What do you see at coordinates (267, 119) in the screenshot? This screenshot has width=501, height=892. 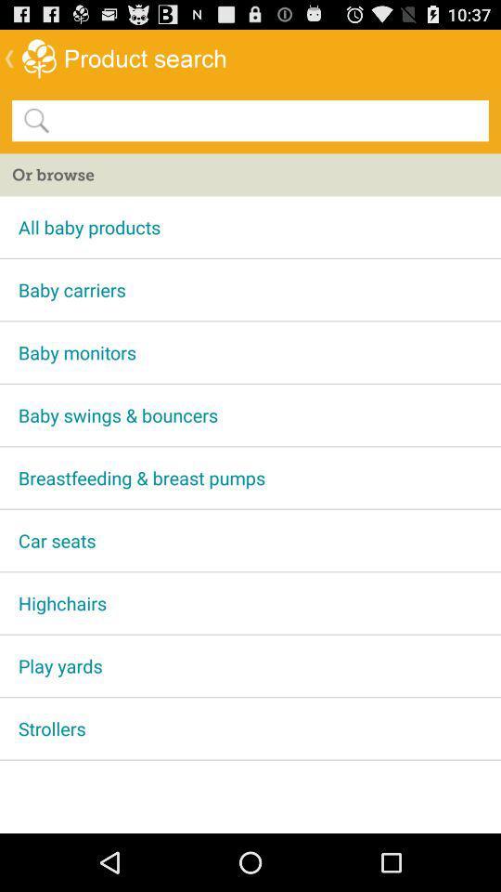 I see `search the product` at bounding box center [267, 119].